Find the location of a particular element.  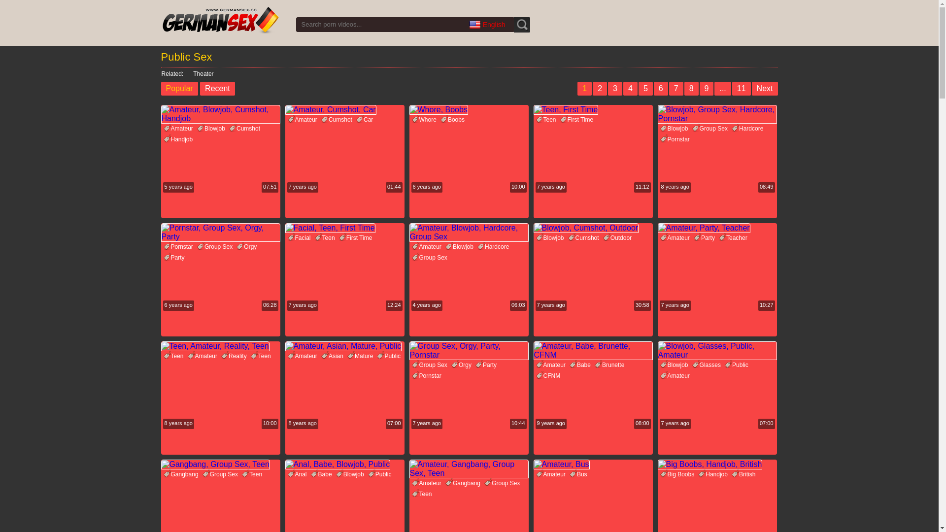

'4' is located at coordinates (630, 89).